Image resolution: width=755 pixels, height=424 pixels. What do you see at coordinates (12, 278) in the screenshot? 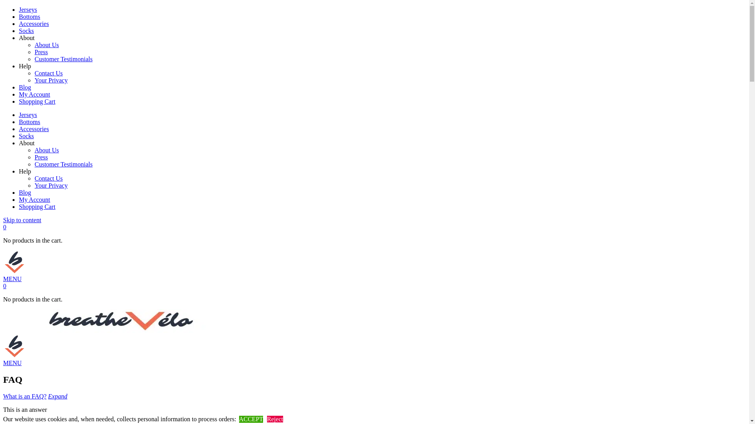
I see `'MENU'` at bounding box center [12, 278].